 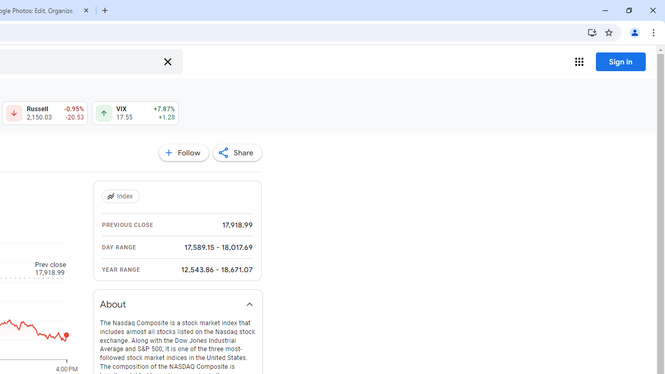 I want to click on 'Follow', so click(x=183, y=153).